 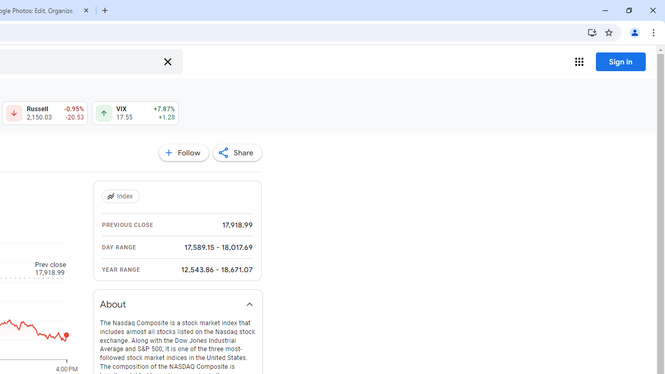 I want to click on 'Follow', so click(x=183, y=153).